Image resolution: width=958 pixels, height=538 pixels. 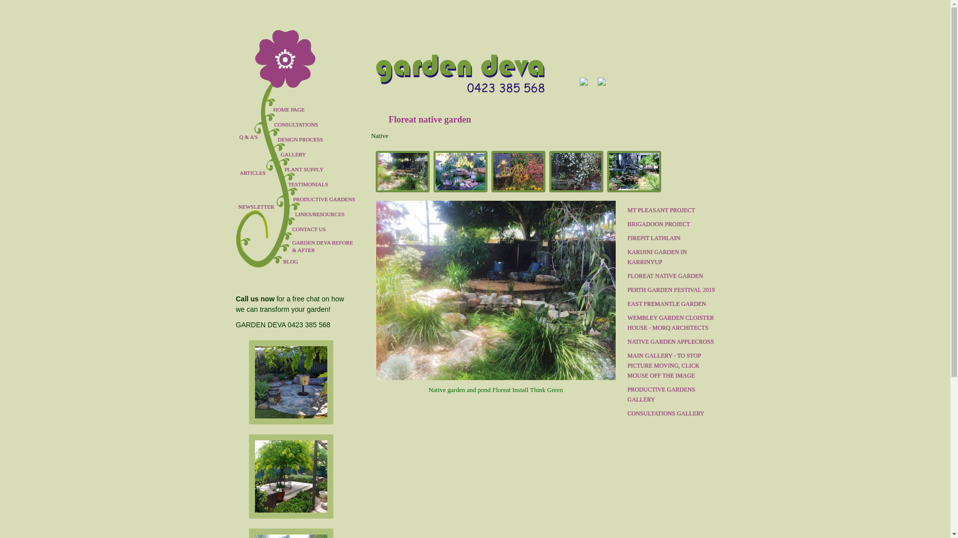 I want to click on 'DESIGN PROCESS', so click(x=321, y=139).